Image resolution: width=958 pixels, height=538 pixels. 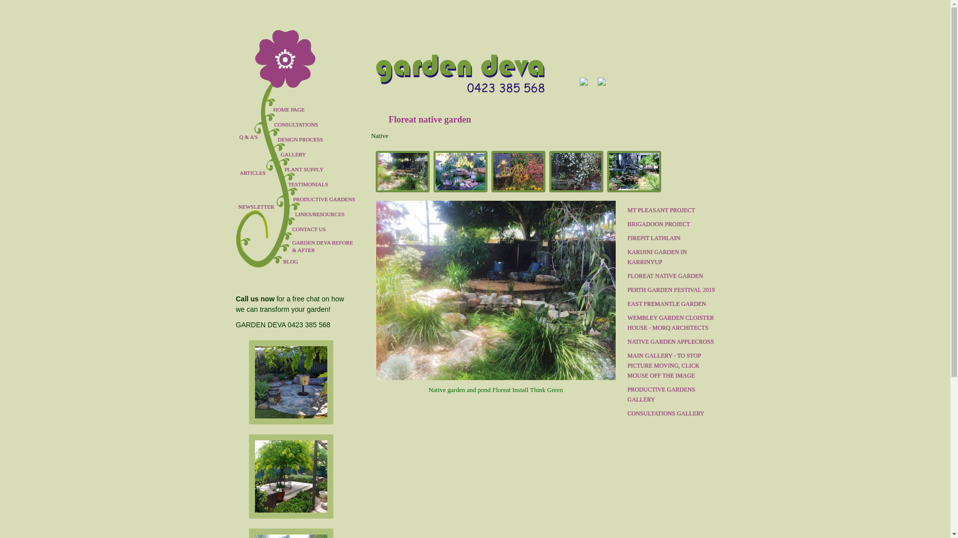 I want to click on 'DESIGN PROCESS', so click(x=321, y=139).